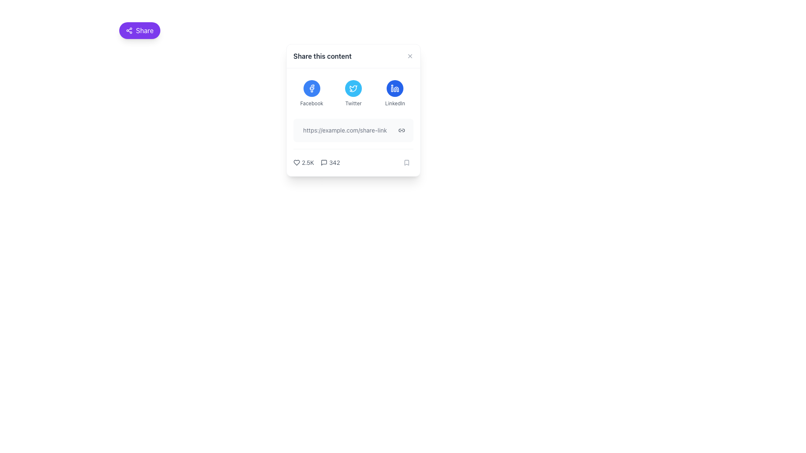 Image resolution: width=806 pixels, height=453 pixels. I want to click on the Twitter quick-share icon, so click(353, 89).